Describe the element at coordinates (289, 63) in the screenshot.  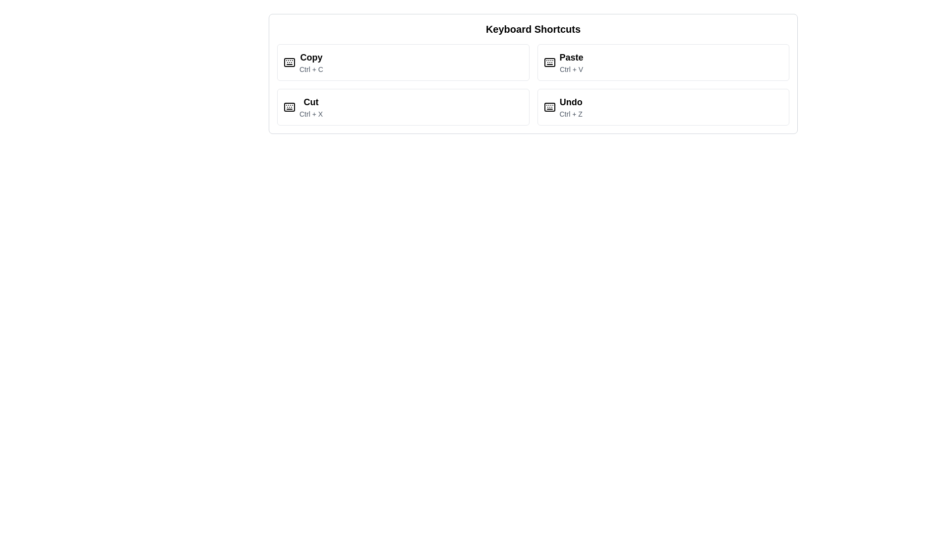
I see `the keyboard icon SVG graphic located to the left of the 'Copy' button, which visually represents the keyboard function for the action` at that location.